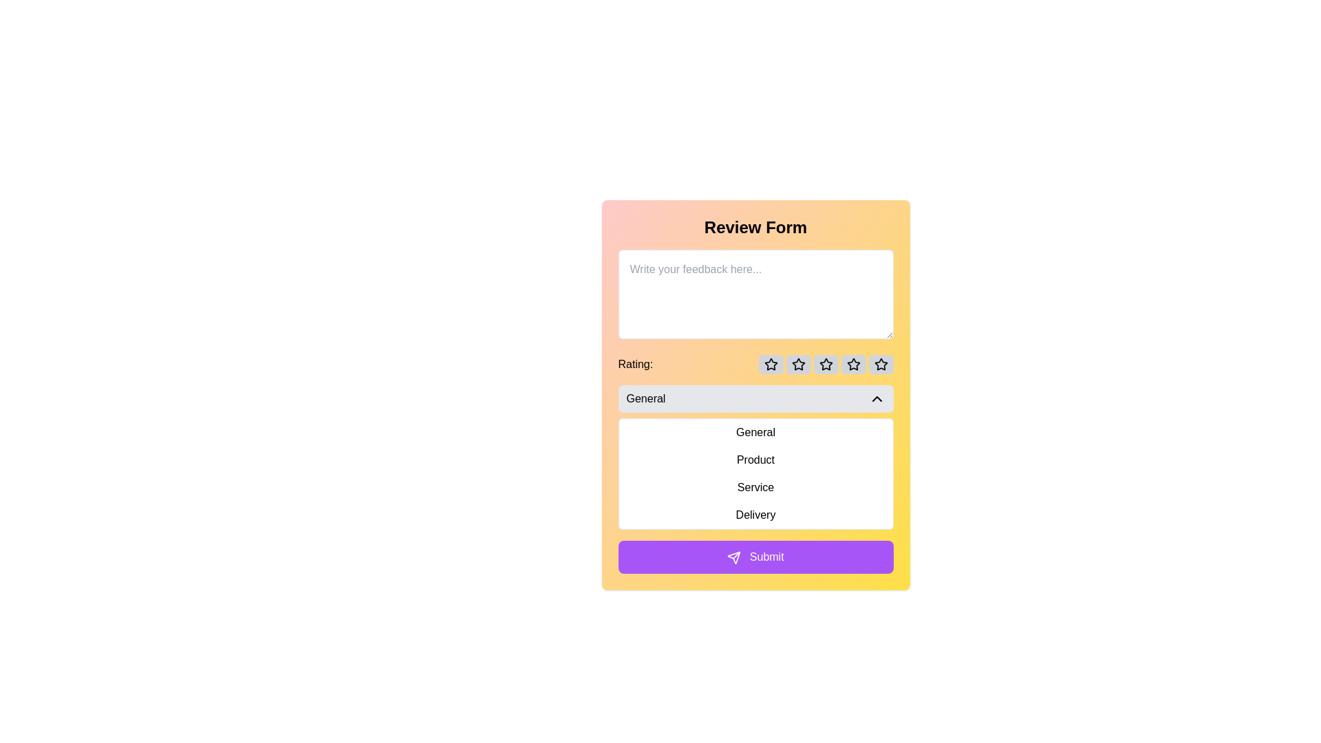 The width and height of the screenshot is (1321, 743). I want to click on the fifth star icon, so click(881, 363).